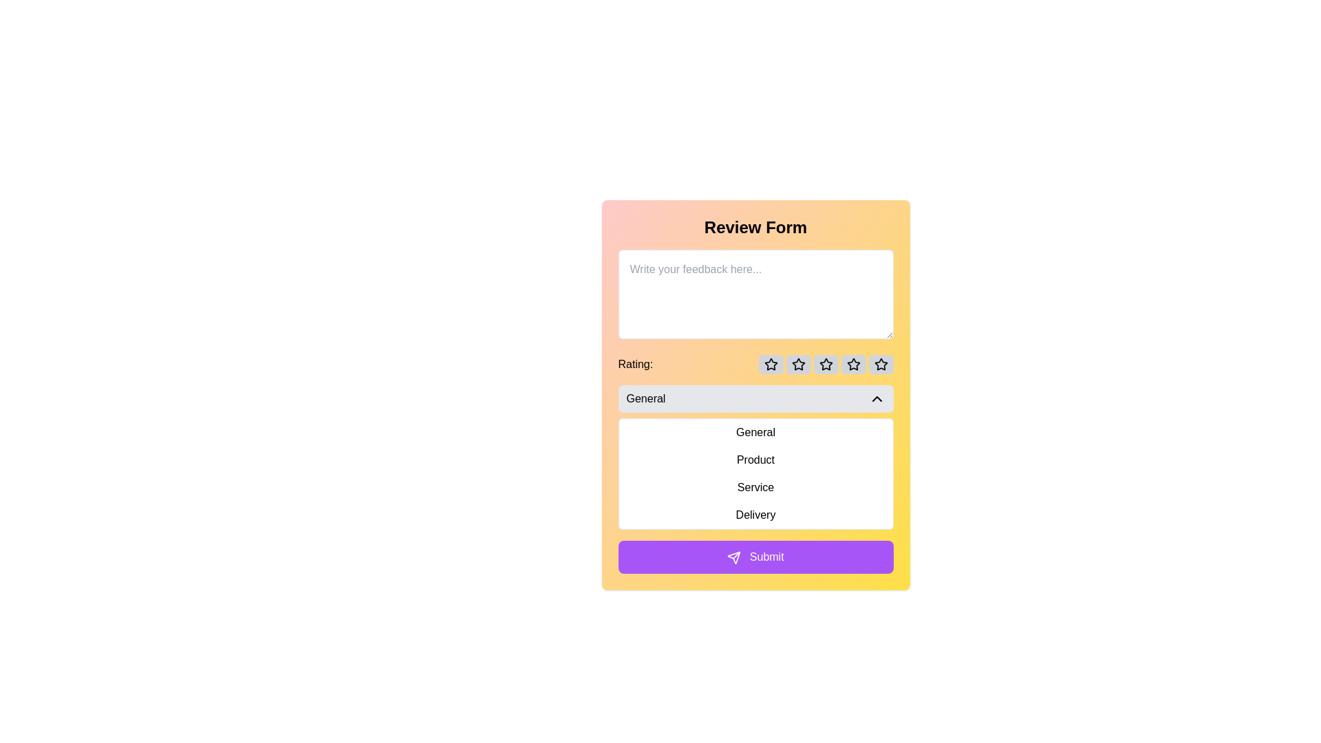 The width and height of the screenshot is (1321, 743). I want to click on the fifth star icon, so click(881, 363).